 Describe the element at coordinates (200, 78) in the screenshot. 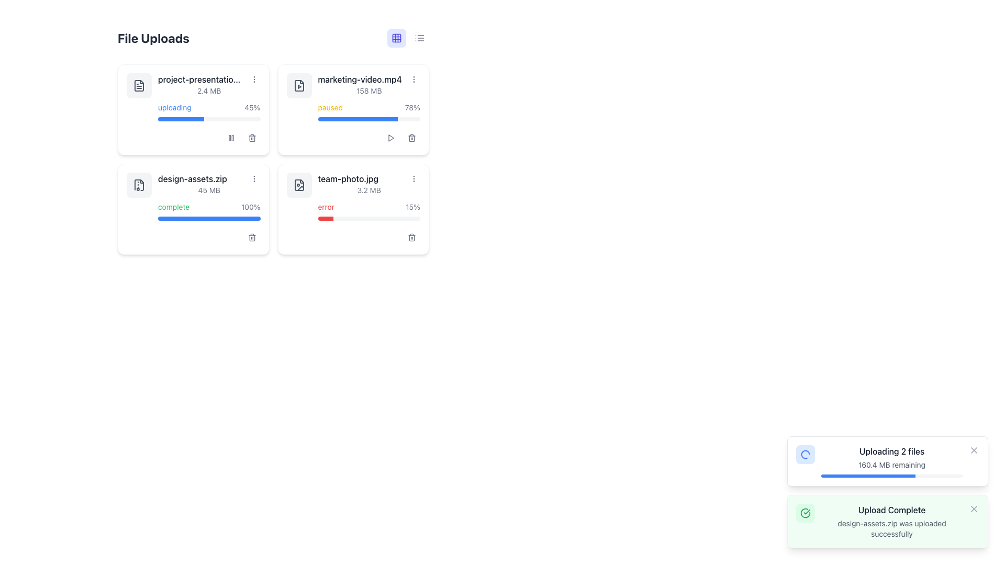

I see `the static text label displaying the name of the file being uploaded, located at the top-left corner of the 'File Uploads' section in the first card of the grid layout` at that location.